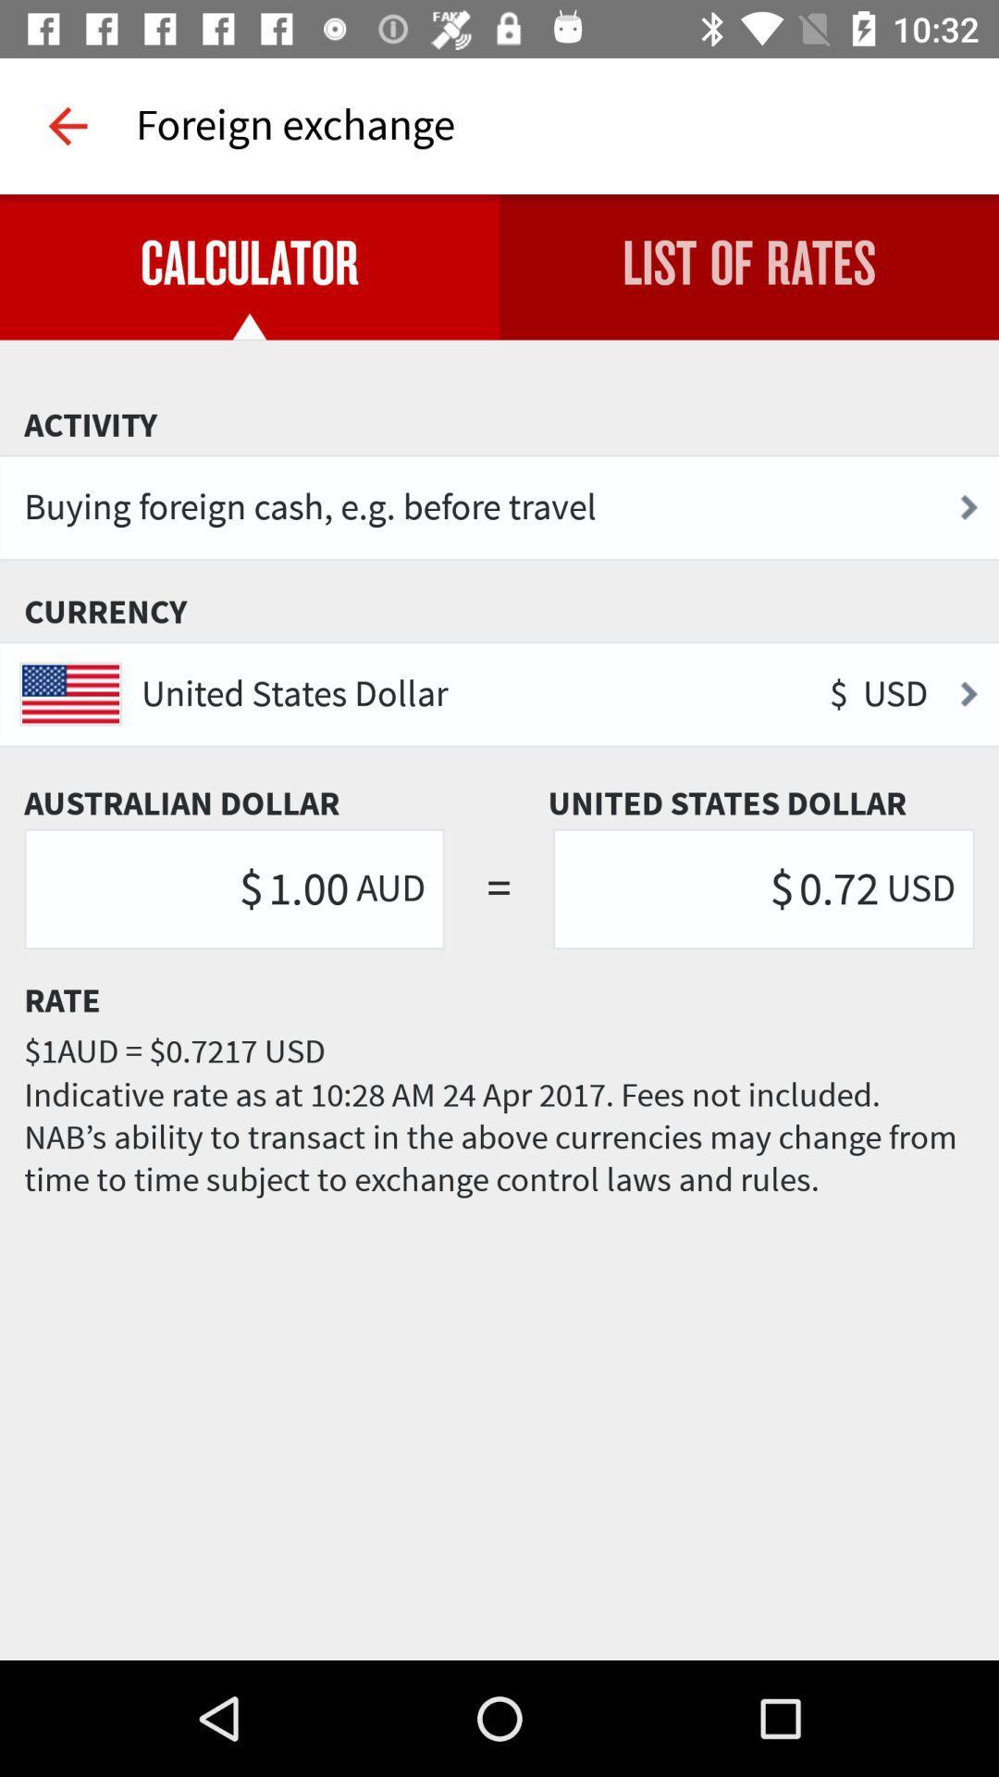  Describe the element at coordinates (749, 266) in the screenshot. I see `item to the right of the calculator item` at that location.